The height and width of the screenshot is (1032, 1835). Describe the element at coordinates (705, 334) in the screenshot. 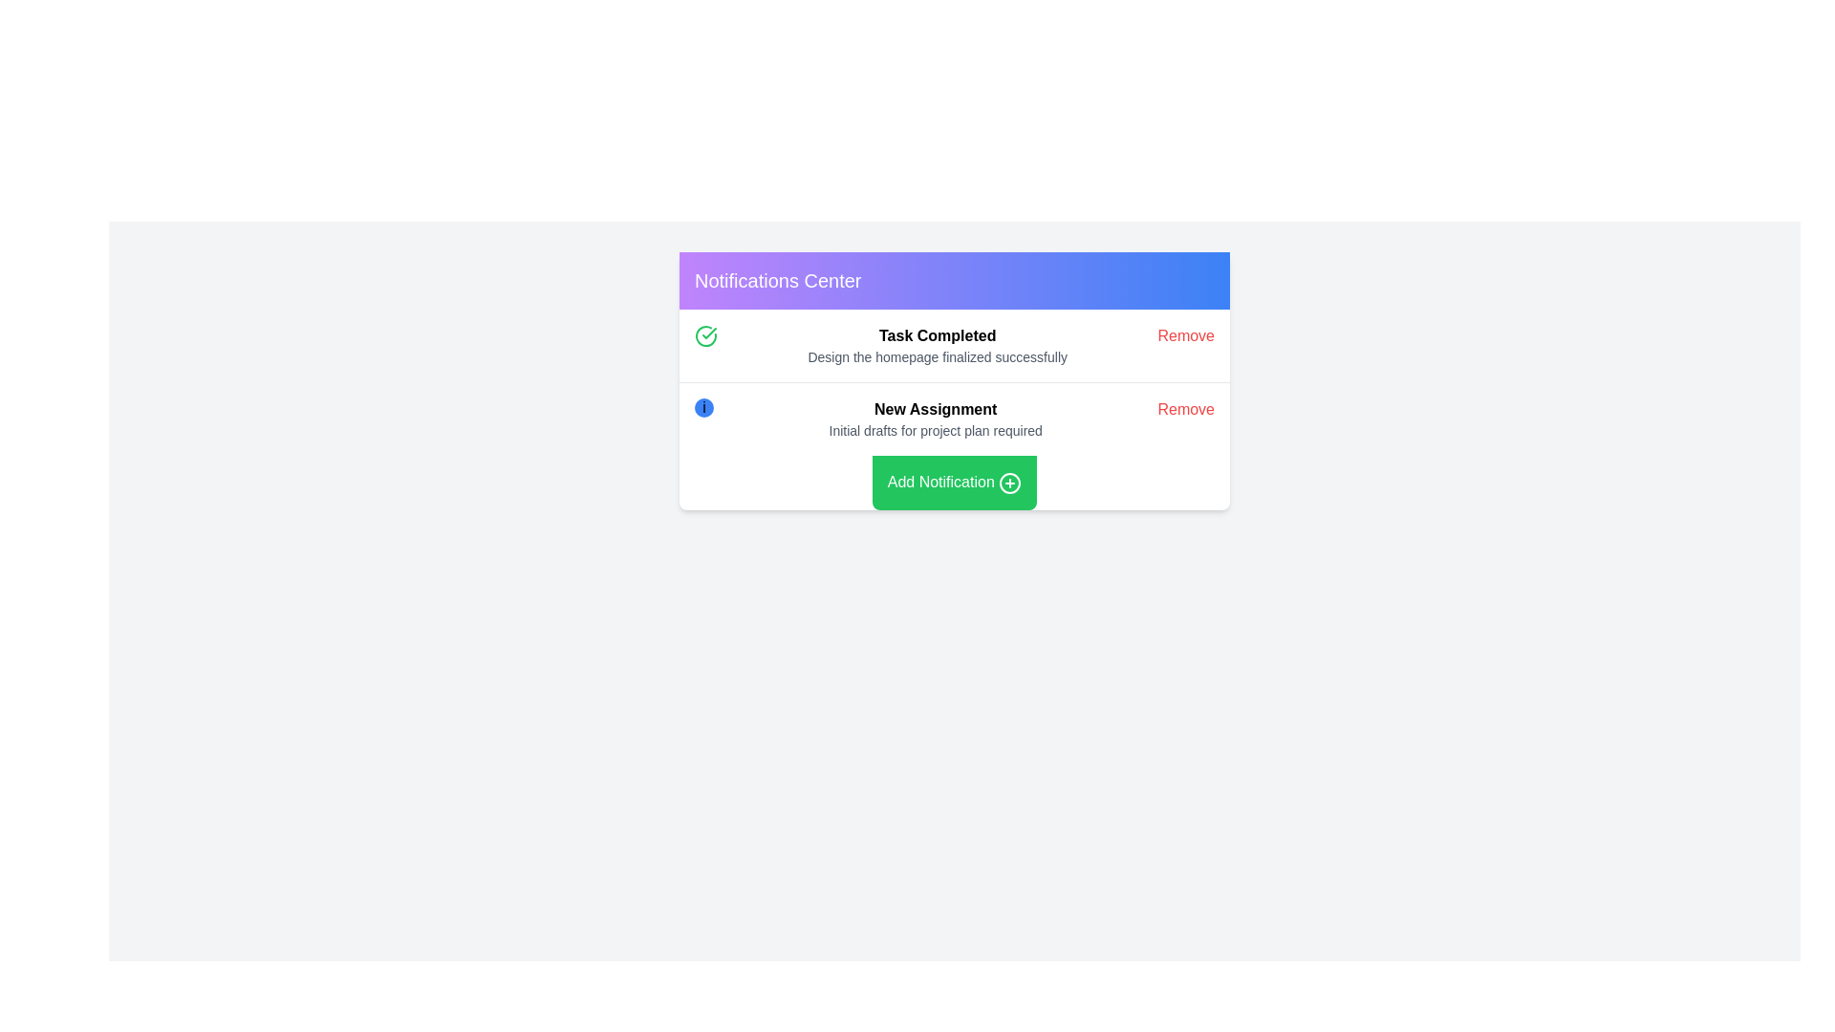

I see `the circular green checkmark icon that symbolizes success, positioned on the left side of the 'Task Completed' text` at that location.